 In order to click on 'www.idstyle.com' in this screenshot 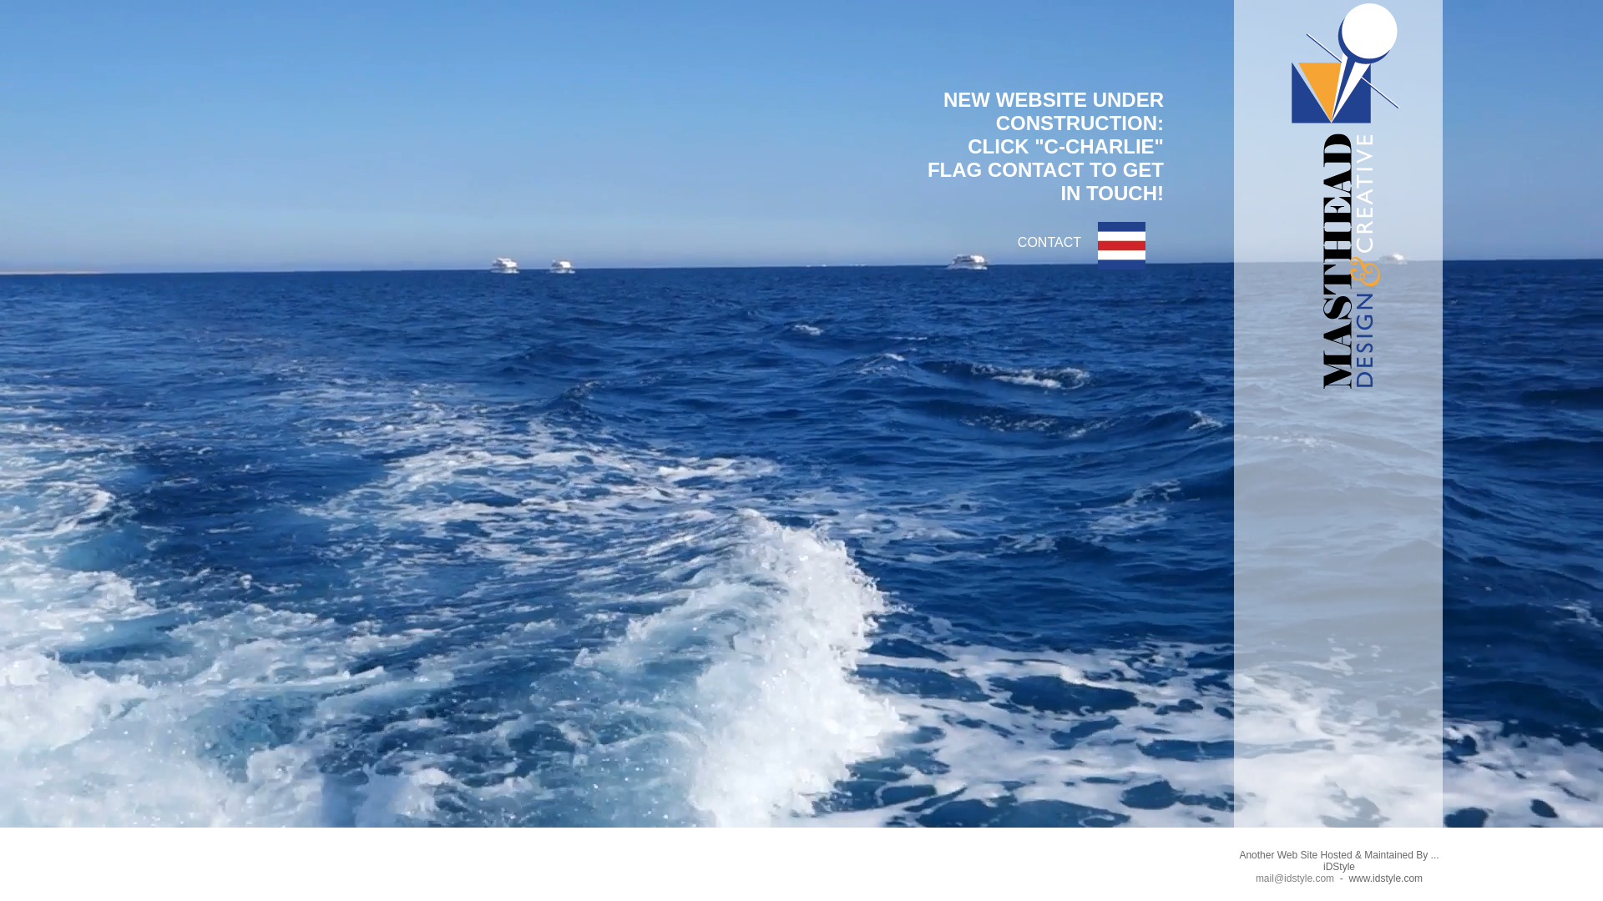, I will do `click(1385, 878)`.